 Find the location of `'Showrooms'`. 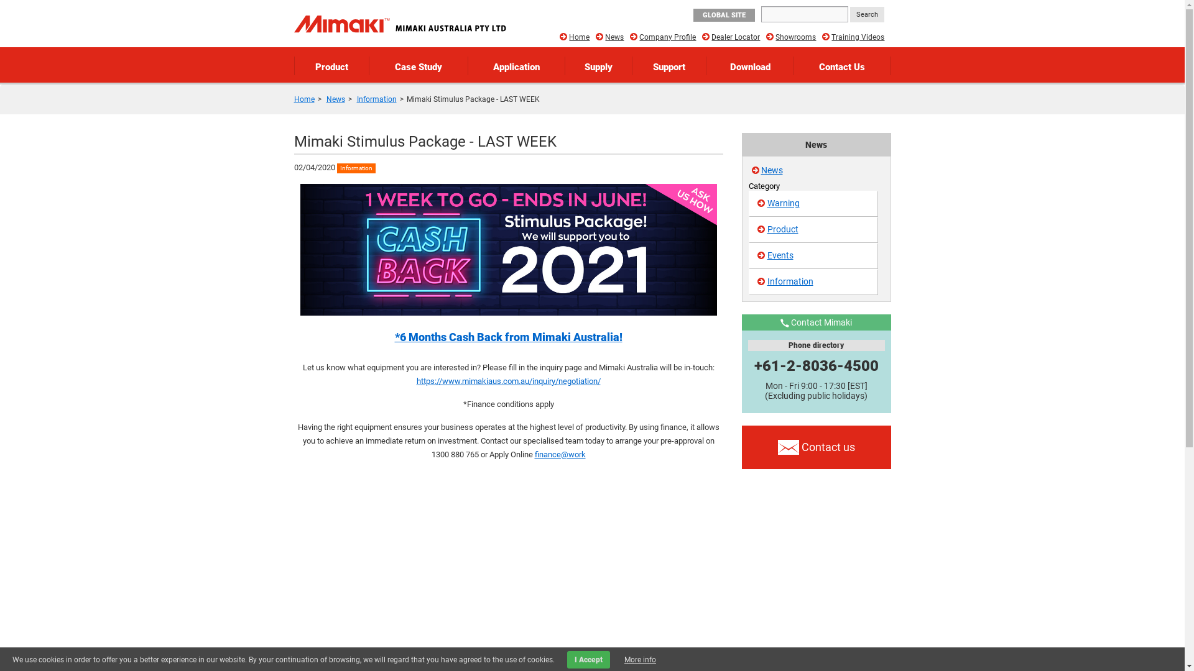

'Showrooms' is located at coordinates (795, 37).